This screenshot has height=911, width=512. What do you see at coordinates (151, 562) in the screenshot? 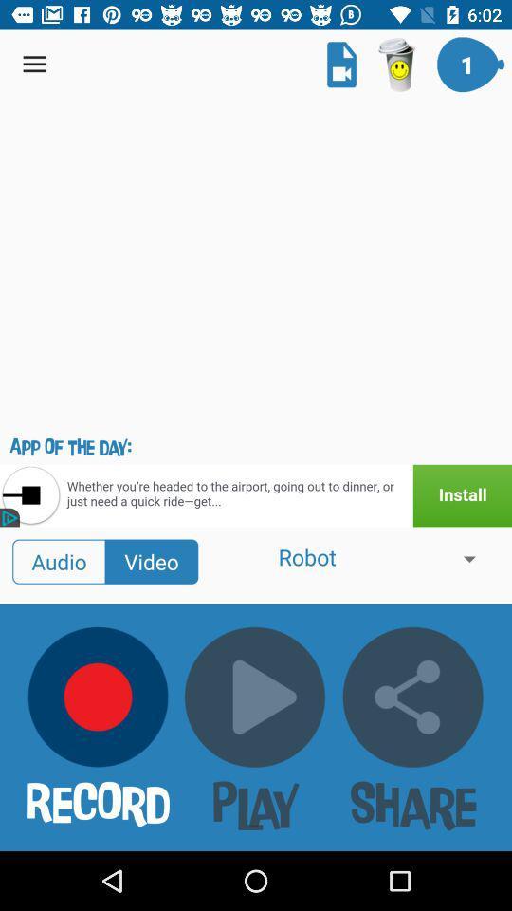
I see `the option video` at bounding box center [151, 562].